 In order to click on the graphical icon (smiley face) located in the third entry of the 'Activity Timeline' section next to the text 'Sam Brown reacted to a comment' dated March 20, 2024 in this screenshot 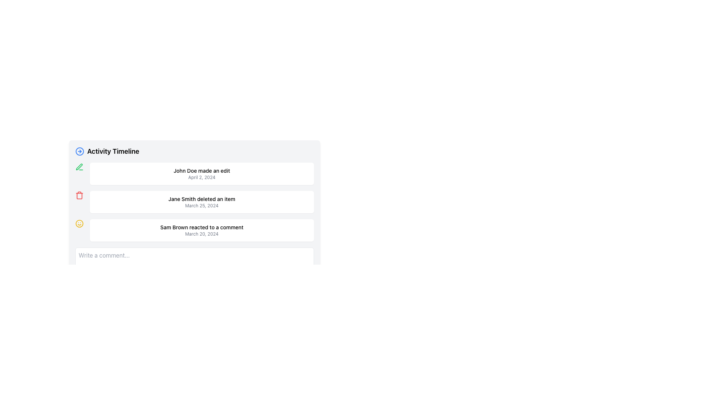, I will do `click(79, 223)`.